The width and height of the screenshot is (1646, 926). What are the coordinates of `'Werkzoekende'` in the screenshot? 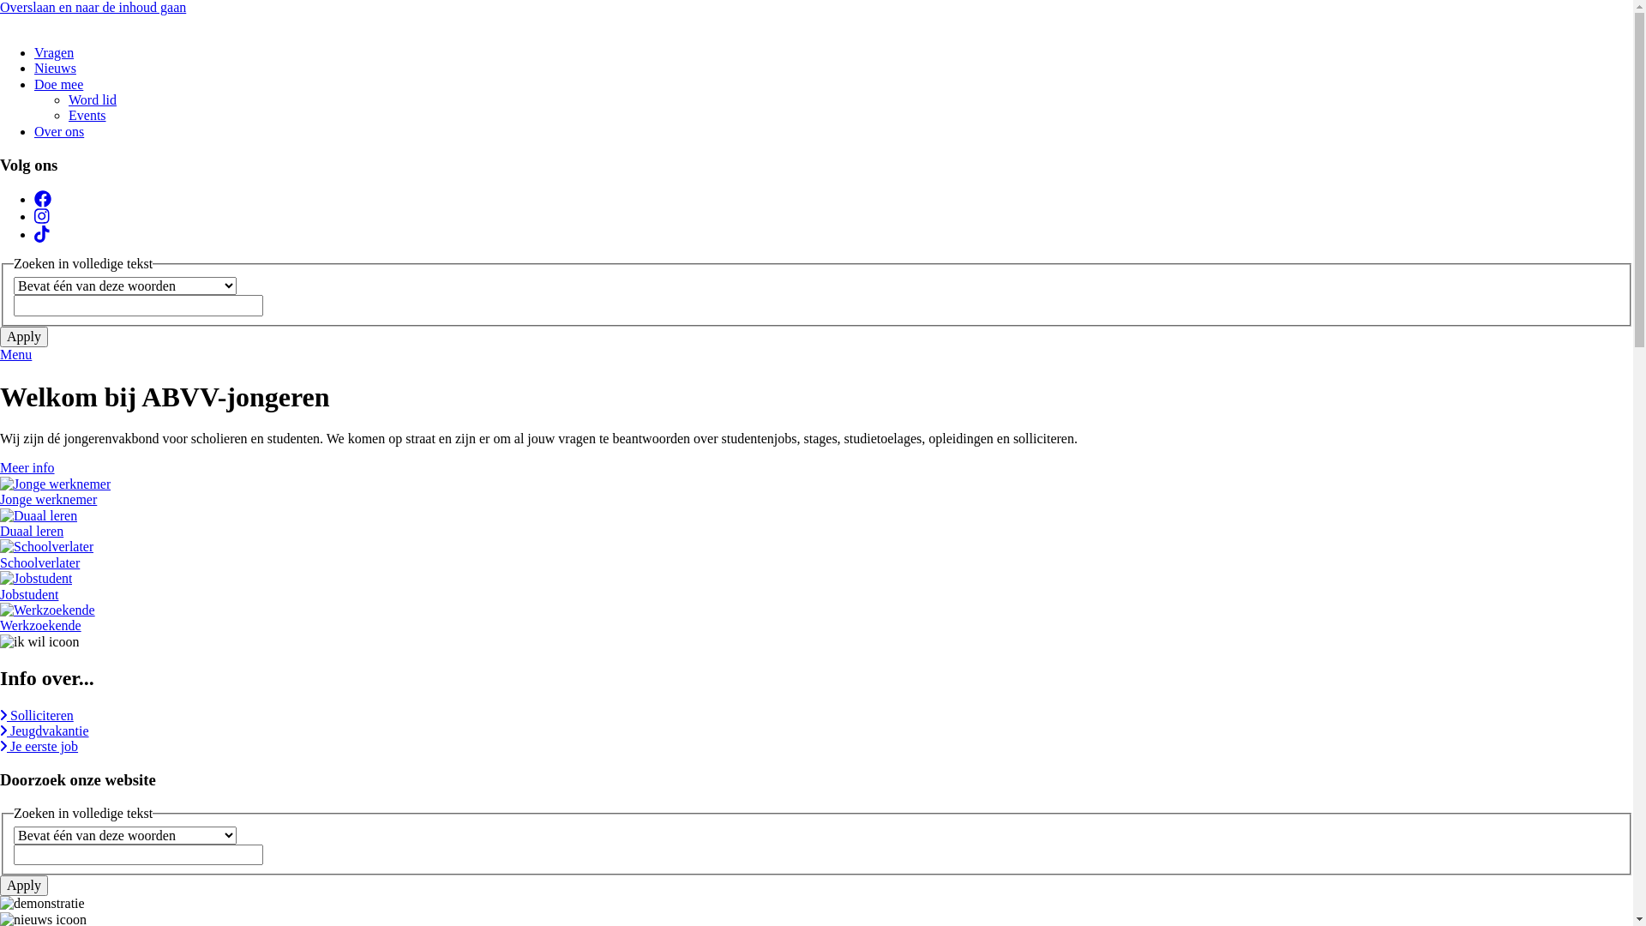 It's located at (0, 618).